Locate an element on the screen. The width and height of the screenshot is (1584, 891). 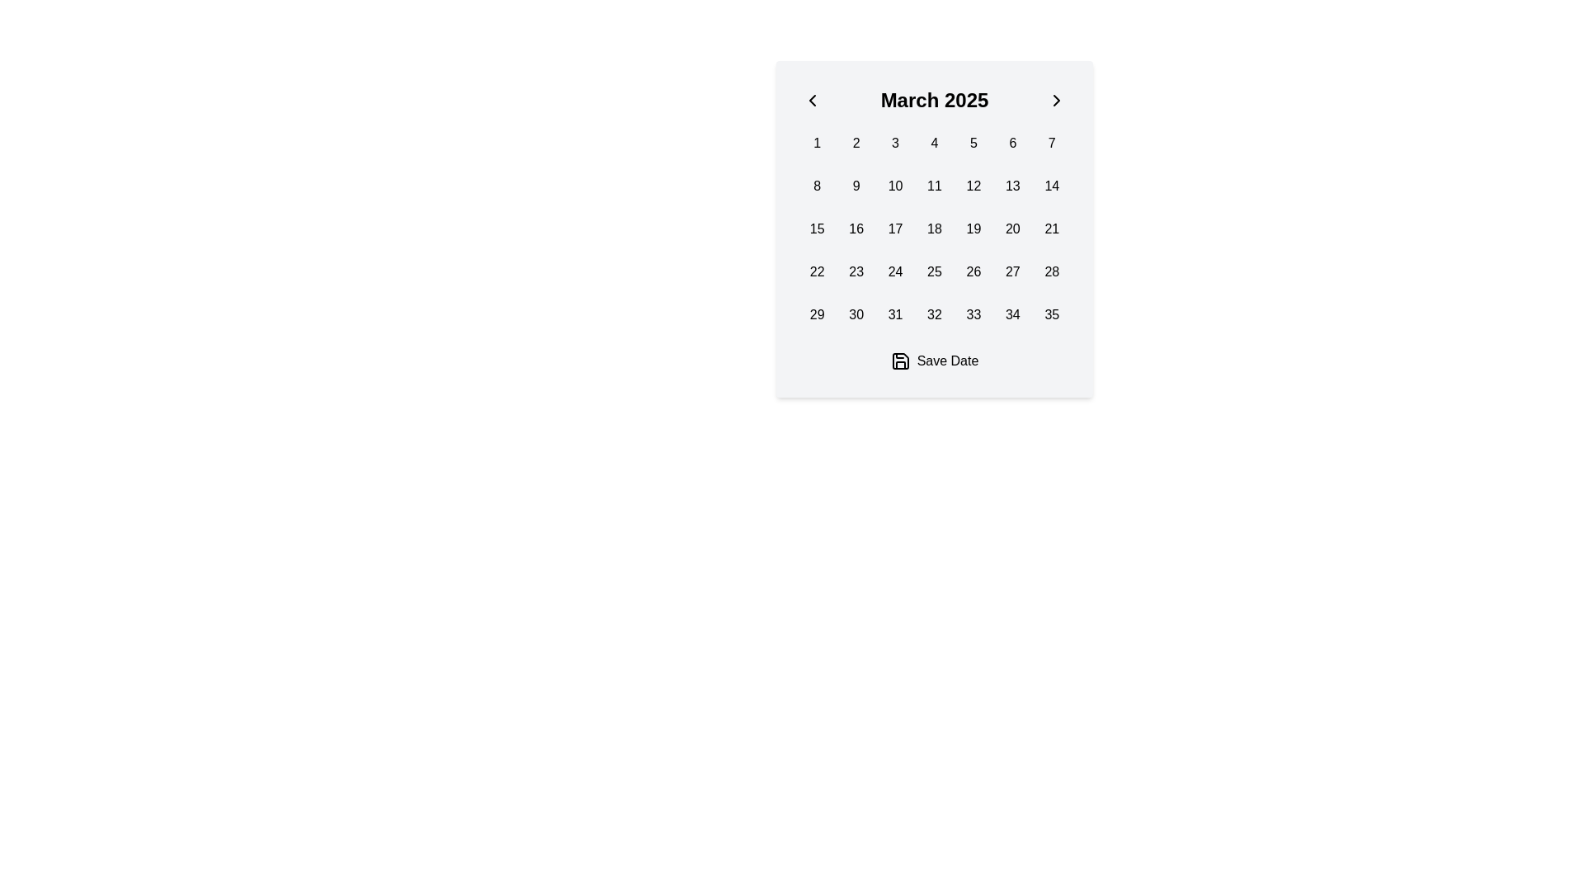
the small, rounded rectangular button displaying the text '32' to change its background color, located in the last row, fourth column of a 7-column grid is located at coordinates (934, 314).